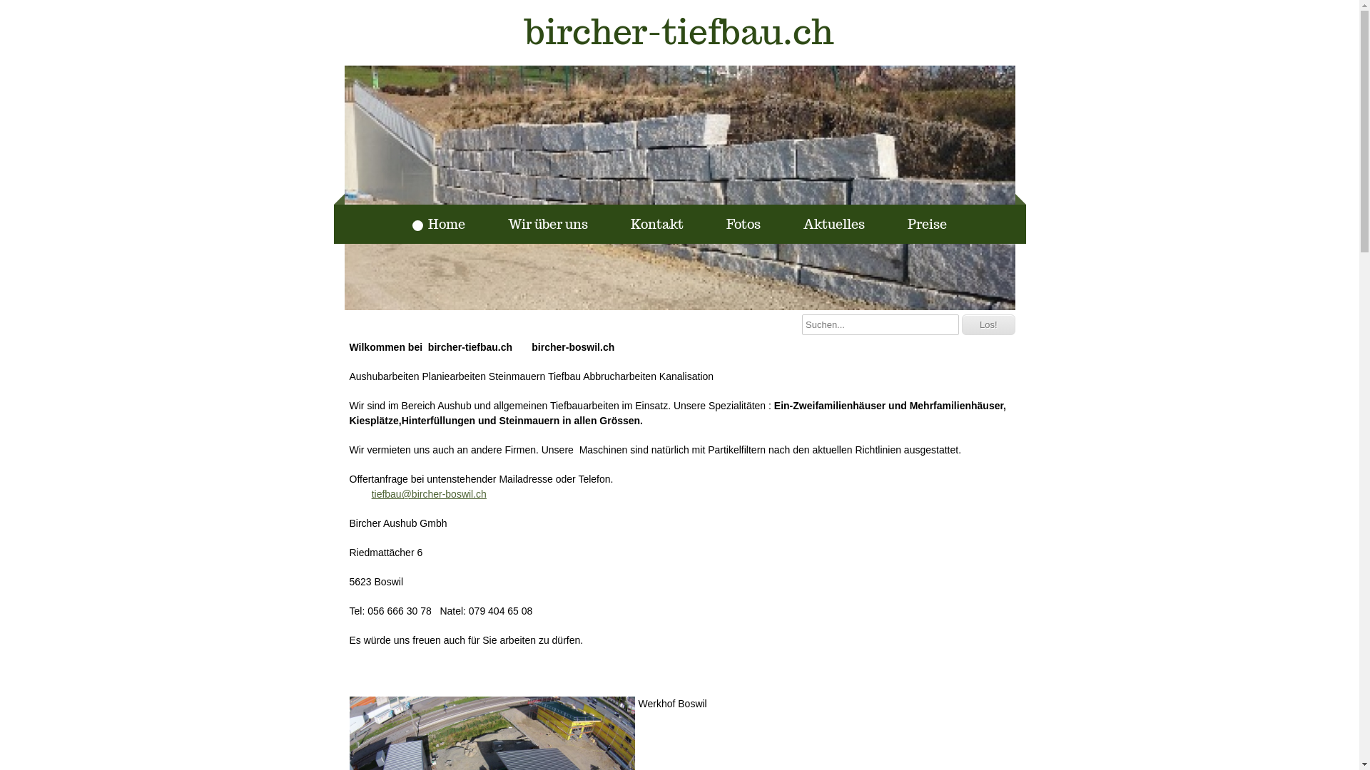 The image size is (1370, 770). I want to click on 'bircher-tiefbau.ch', so click(678, 32).